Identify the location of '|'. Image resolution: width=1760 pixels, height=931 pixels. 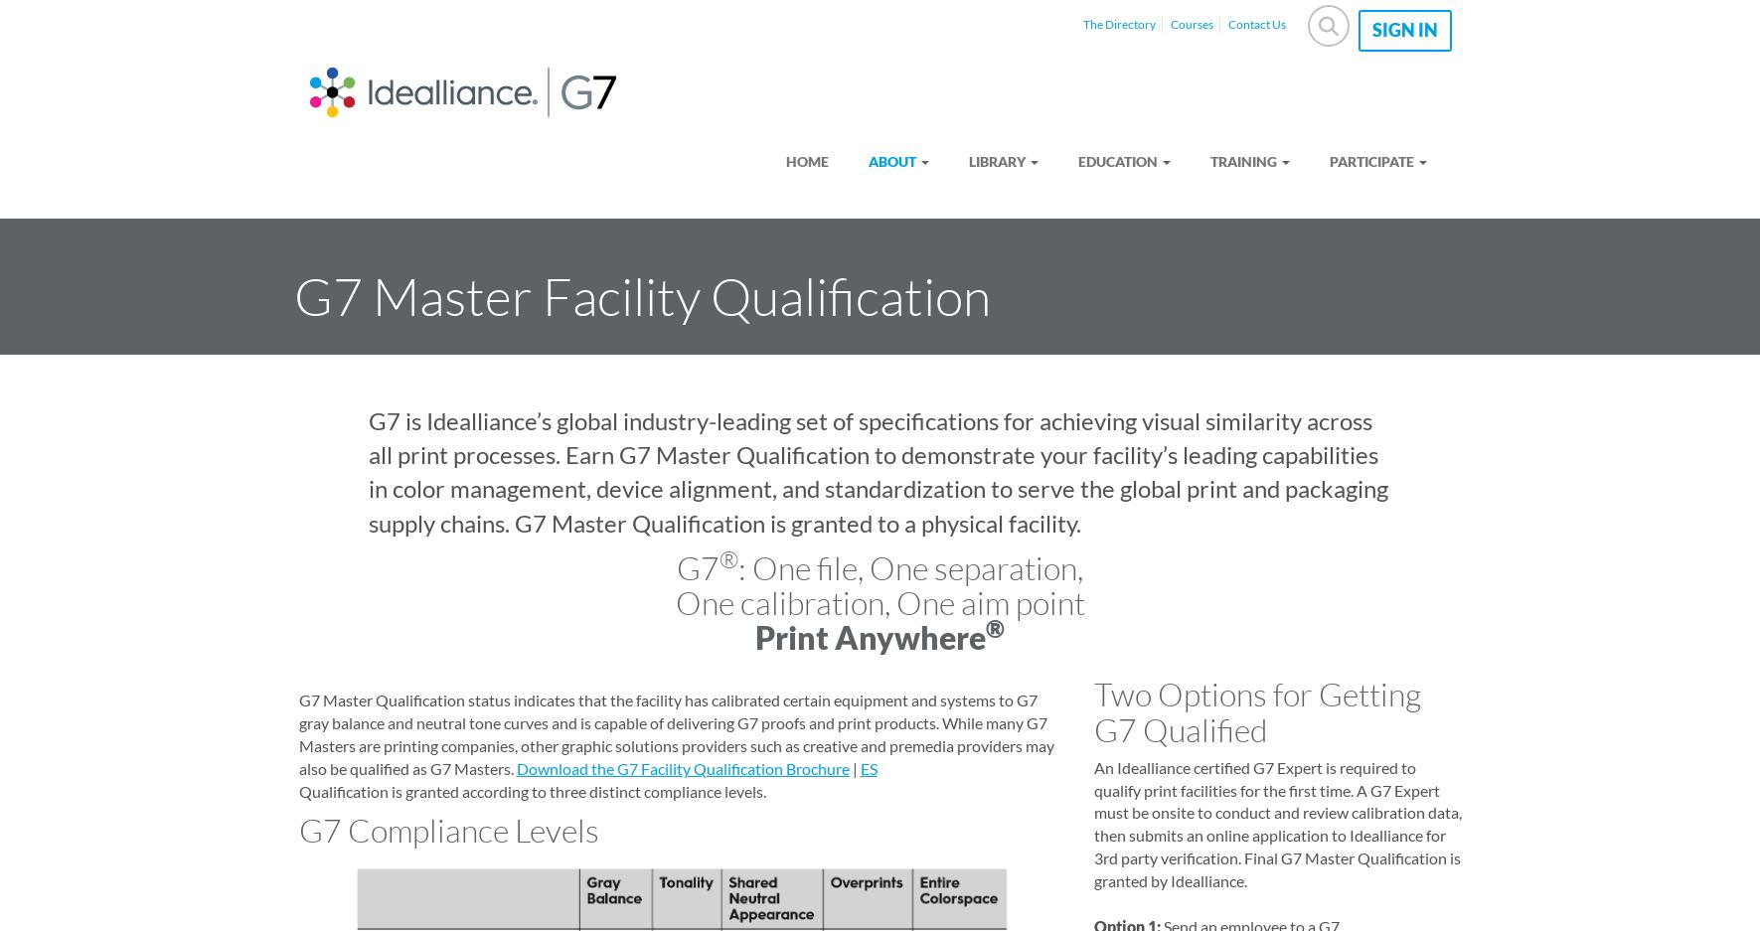
(847, 767).